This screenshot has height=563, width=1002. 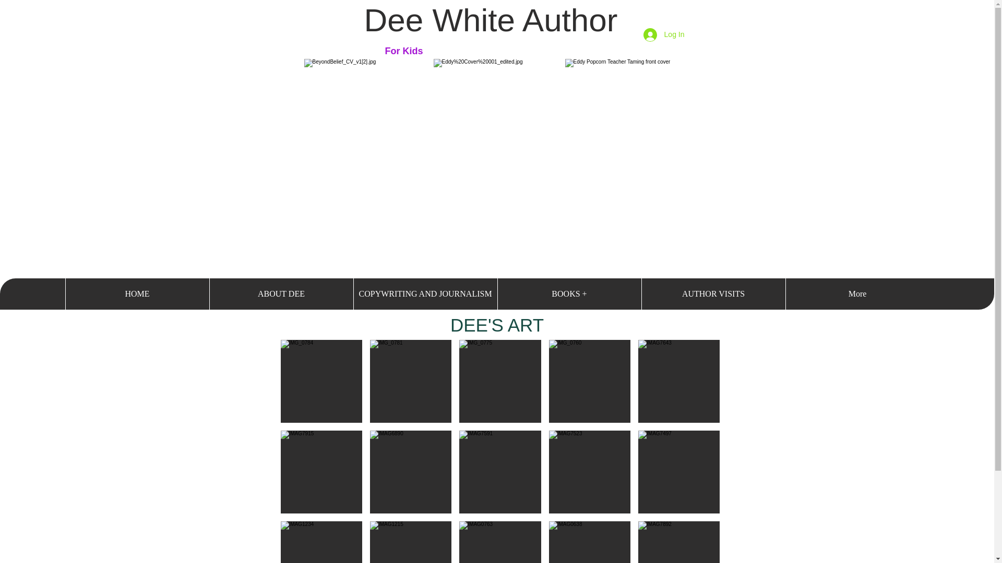 I want to click on 'Dee White Author', so click(x=490, y=20).